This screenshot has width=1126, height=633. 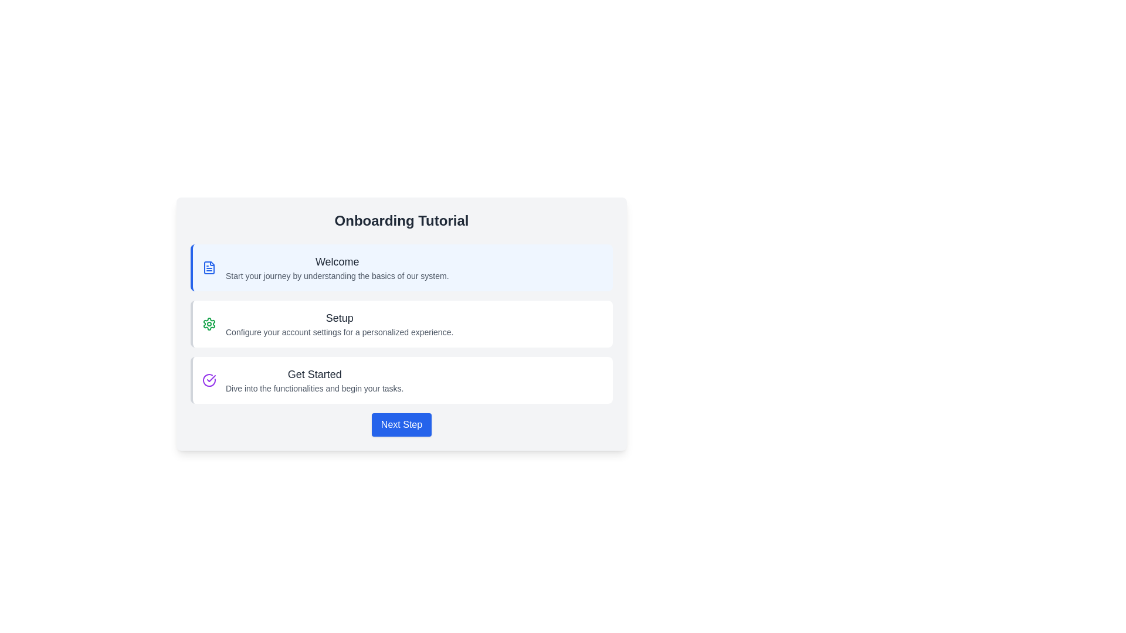 I want to click on instructional message provided in the text block located below the 'Get Started' header in the center of the interface, so click(x=314, y=389).